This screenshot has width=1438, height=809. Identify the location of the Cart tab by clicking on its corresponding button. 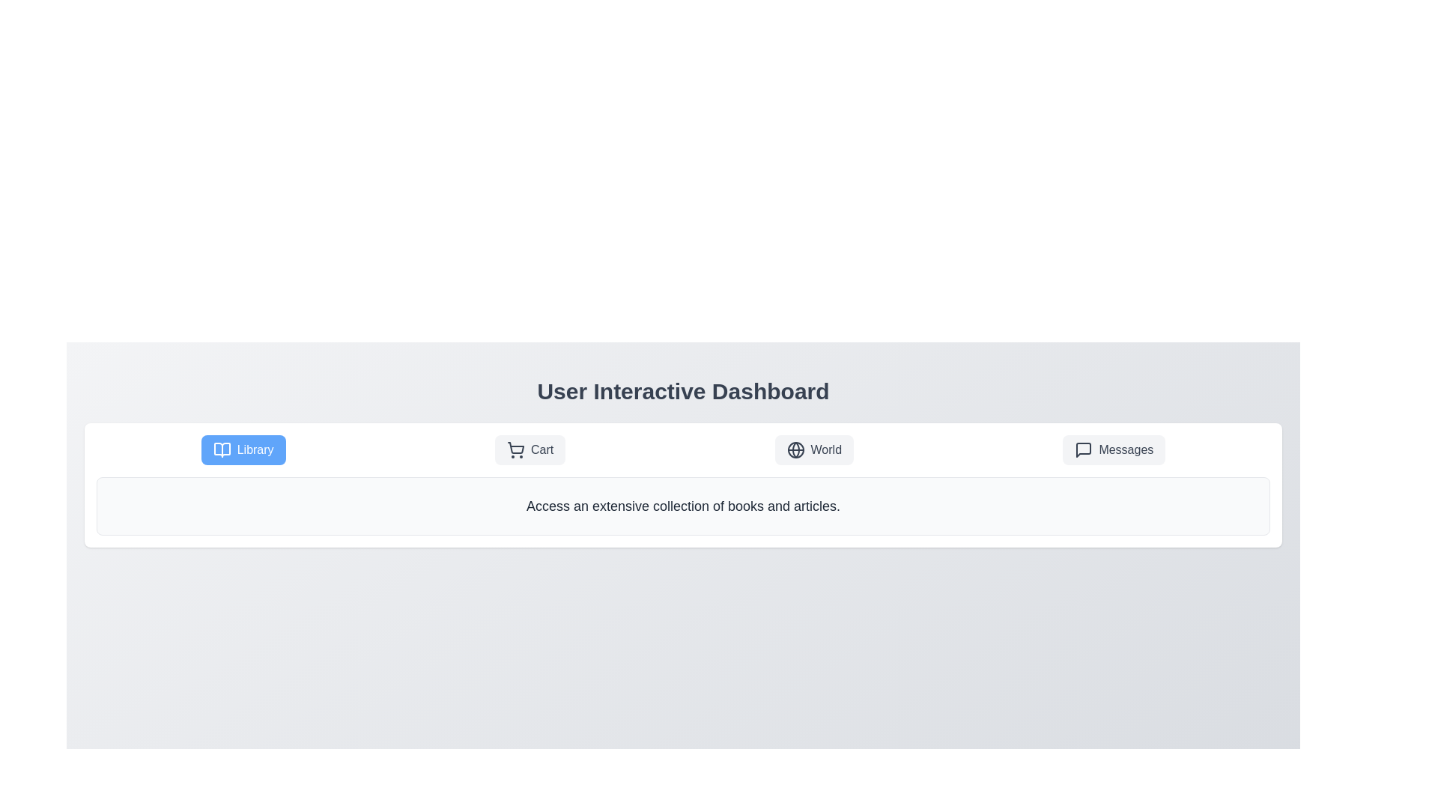
(530, 449).